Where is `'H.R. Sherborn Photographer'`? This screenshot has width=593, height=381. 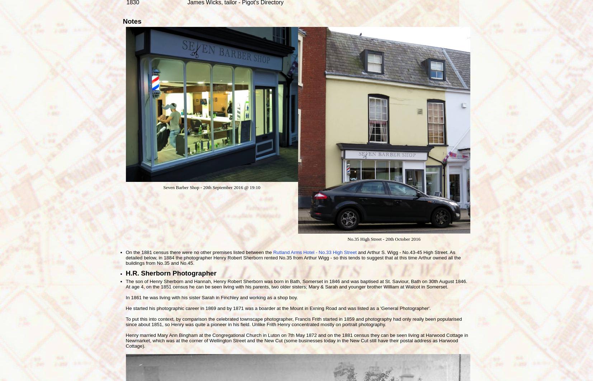 'H.R. Sherborn Photographer' is located at coordinates (125, 273).